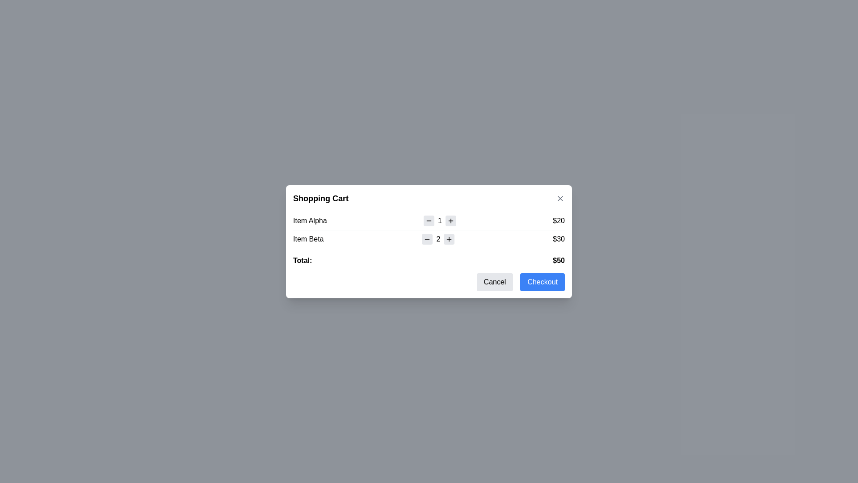  I want to click on the quantity adjustment buttons (decrement and increment) of the shopping cart item labeled 'Item Beta', so click(429, 238).